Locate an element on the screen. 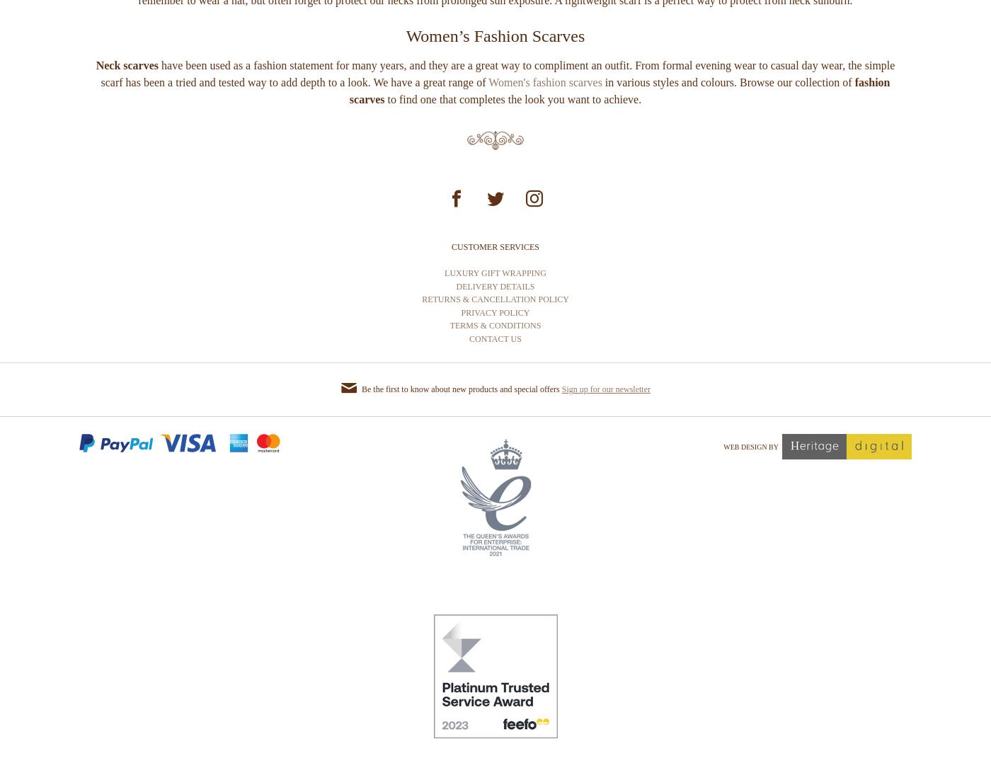 Image resolution: width=991 pixels, height=761 pixels. 'Customer Services' is located at coordinates (495, 299).